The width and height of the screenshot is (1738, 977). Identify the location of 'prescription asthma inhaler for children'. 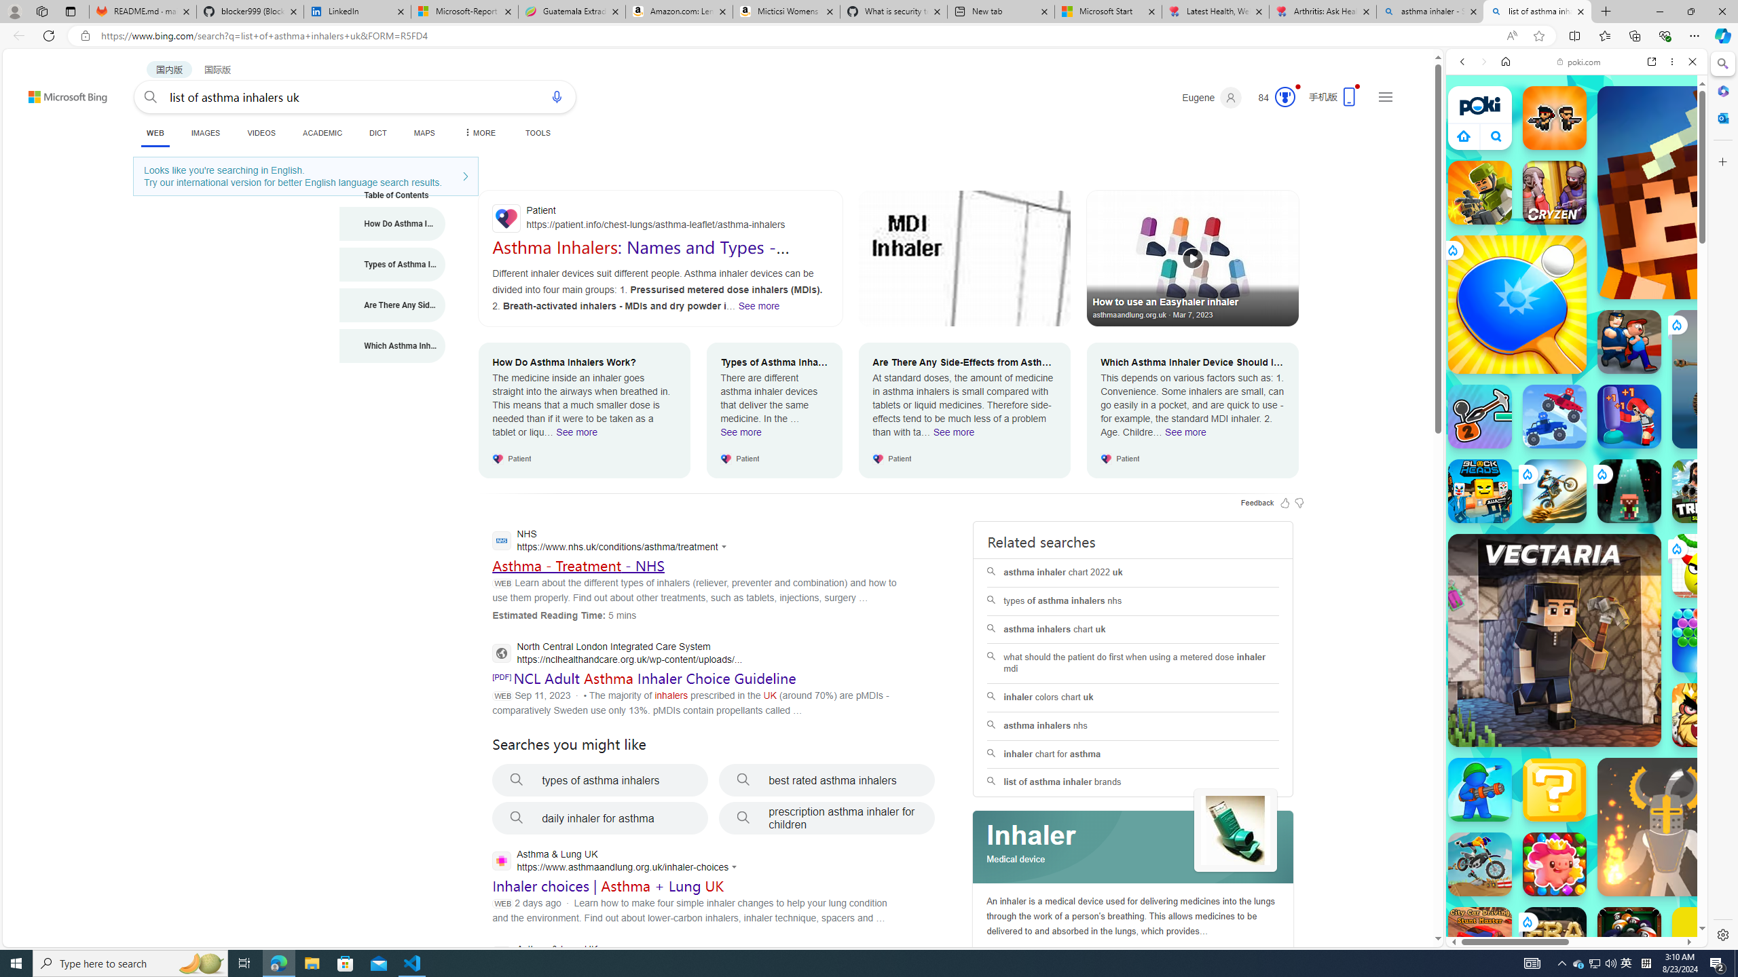
(827, 818).